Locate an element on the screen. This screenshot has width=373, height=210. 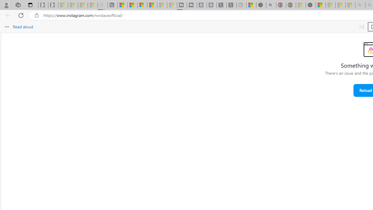
'X - Sleeping' is located at coordinates (231, 5).